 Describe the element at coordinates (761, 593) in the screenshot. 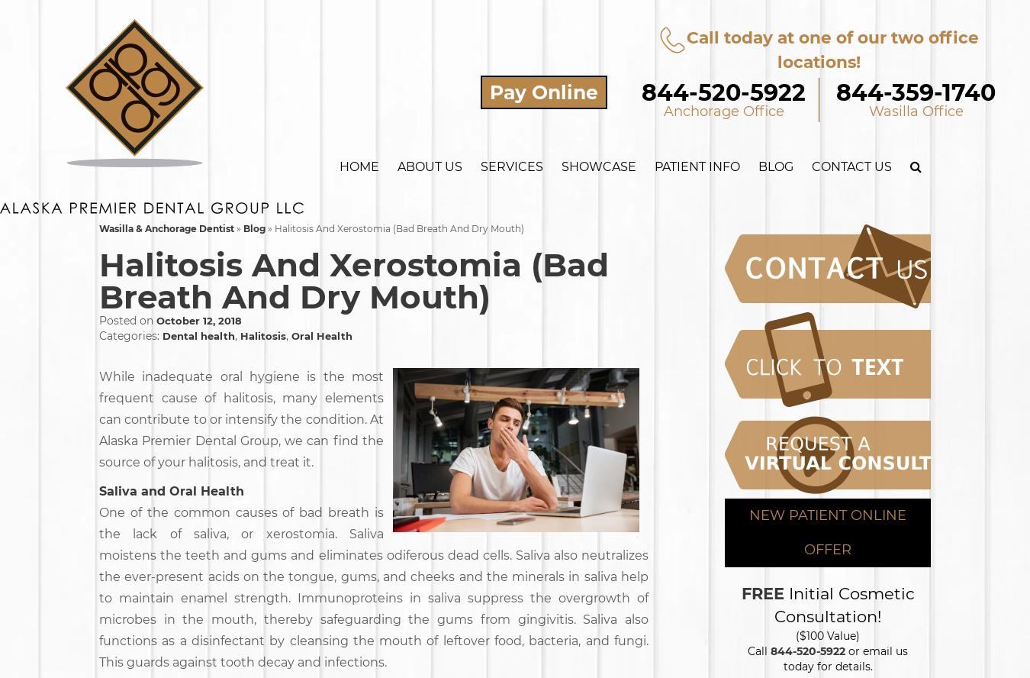

I see `'FREE'` at that location.